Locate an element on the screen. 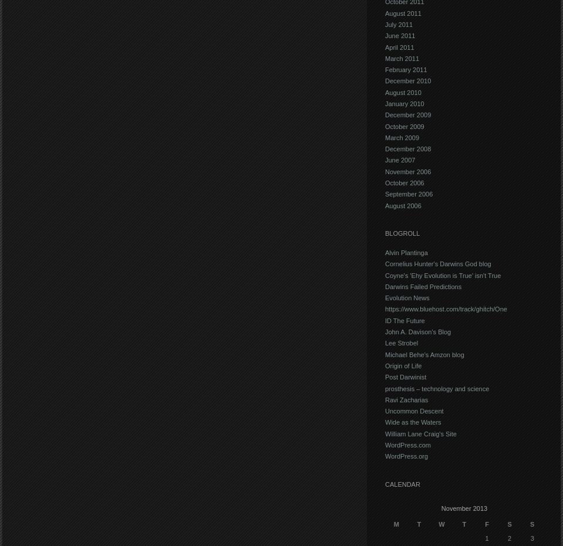 The image size is (563, 546). 'February 2011' is located at coordinates (405, 69).